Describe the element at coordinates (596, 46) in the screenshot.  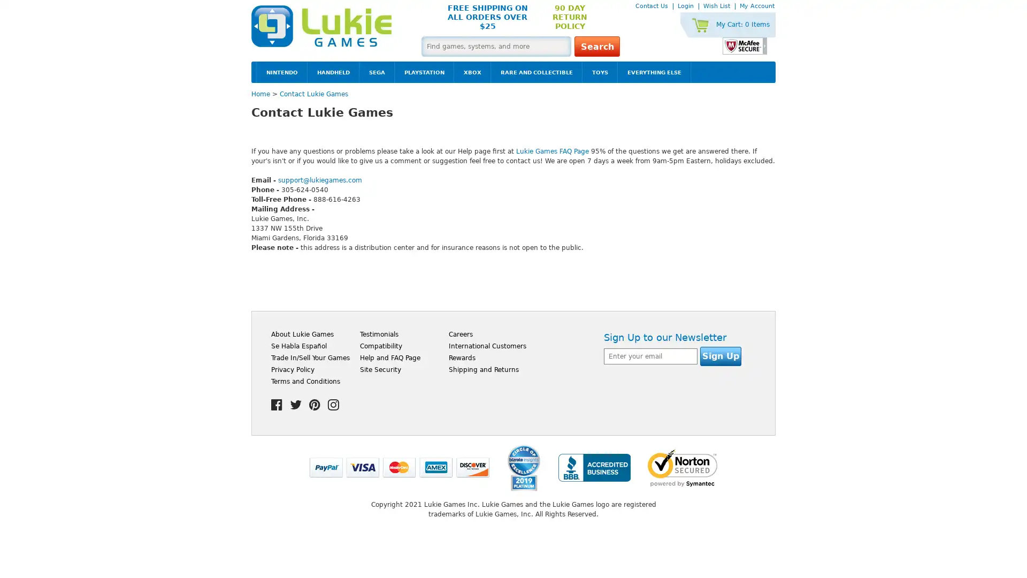
I see `Search` at that location.